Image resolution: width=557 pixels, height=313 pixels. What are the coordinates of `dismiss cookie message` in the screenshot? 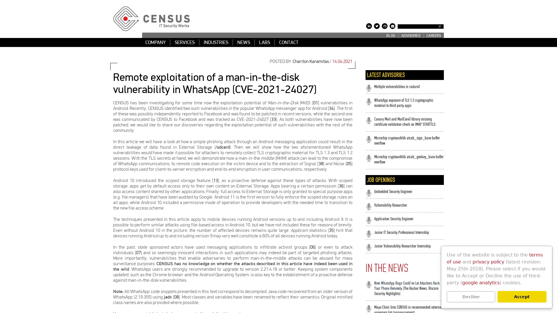 It's located at (522, 296).